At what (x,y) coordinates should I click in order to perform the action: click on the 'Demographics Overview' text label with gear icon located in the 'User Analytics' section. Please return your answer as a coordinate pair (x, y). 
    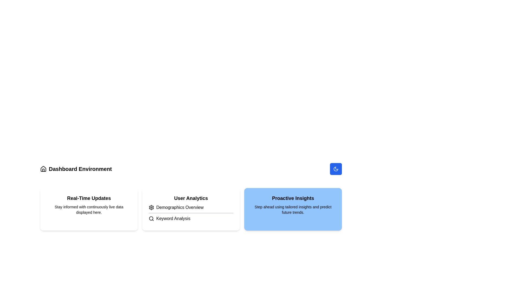
    Looking at the image, I should click on (191, 207).